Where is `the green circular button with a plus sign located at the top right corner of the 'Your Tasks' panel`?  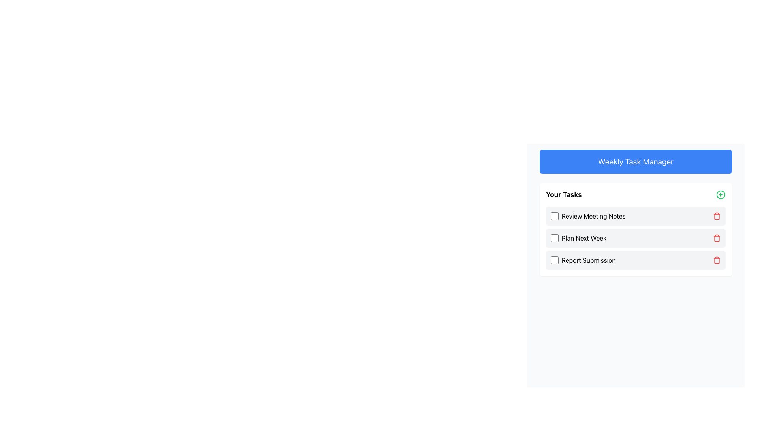 the green circular button with a plus sign located at the top right corner of the 'Your Tasks' panel is located at coordinates (720, 194).